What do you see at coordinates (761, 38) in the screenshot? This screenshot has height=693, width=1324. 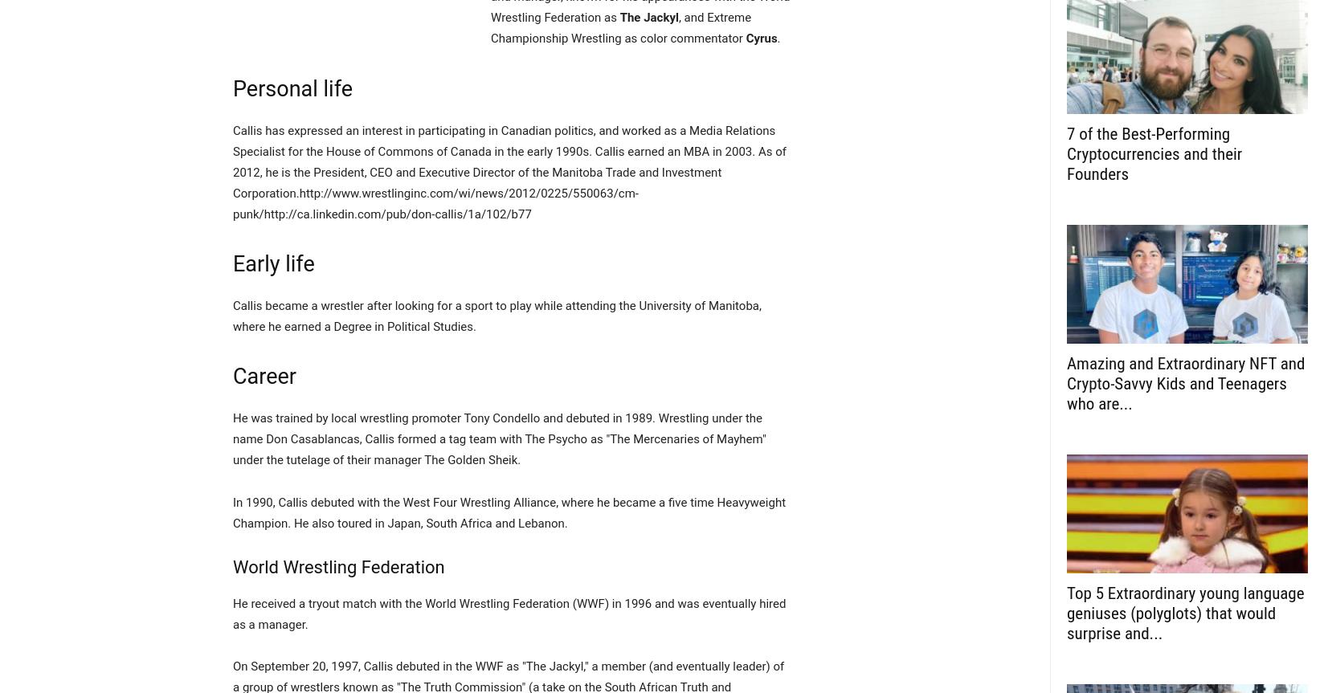 I see `'Cyrus'` at bounding box center [761, 38].